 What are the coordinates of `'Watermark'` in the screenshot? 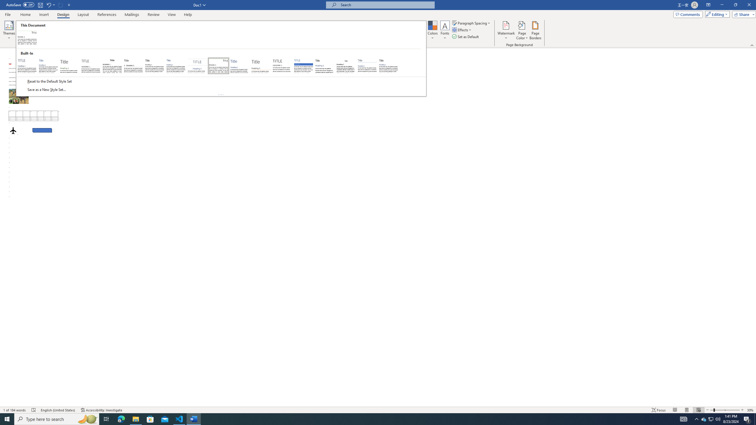 It's located at (506, 30).